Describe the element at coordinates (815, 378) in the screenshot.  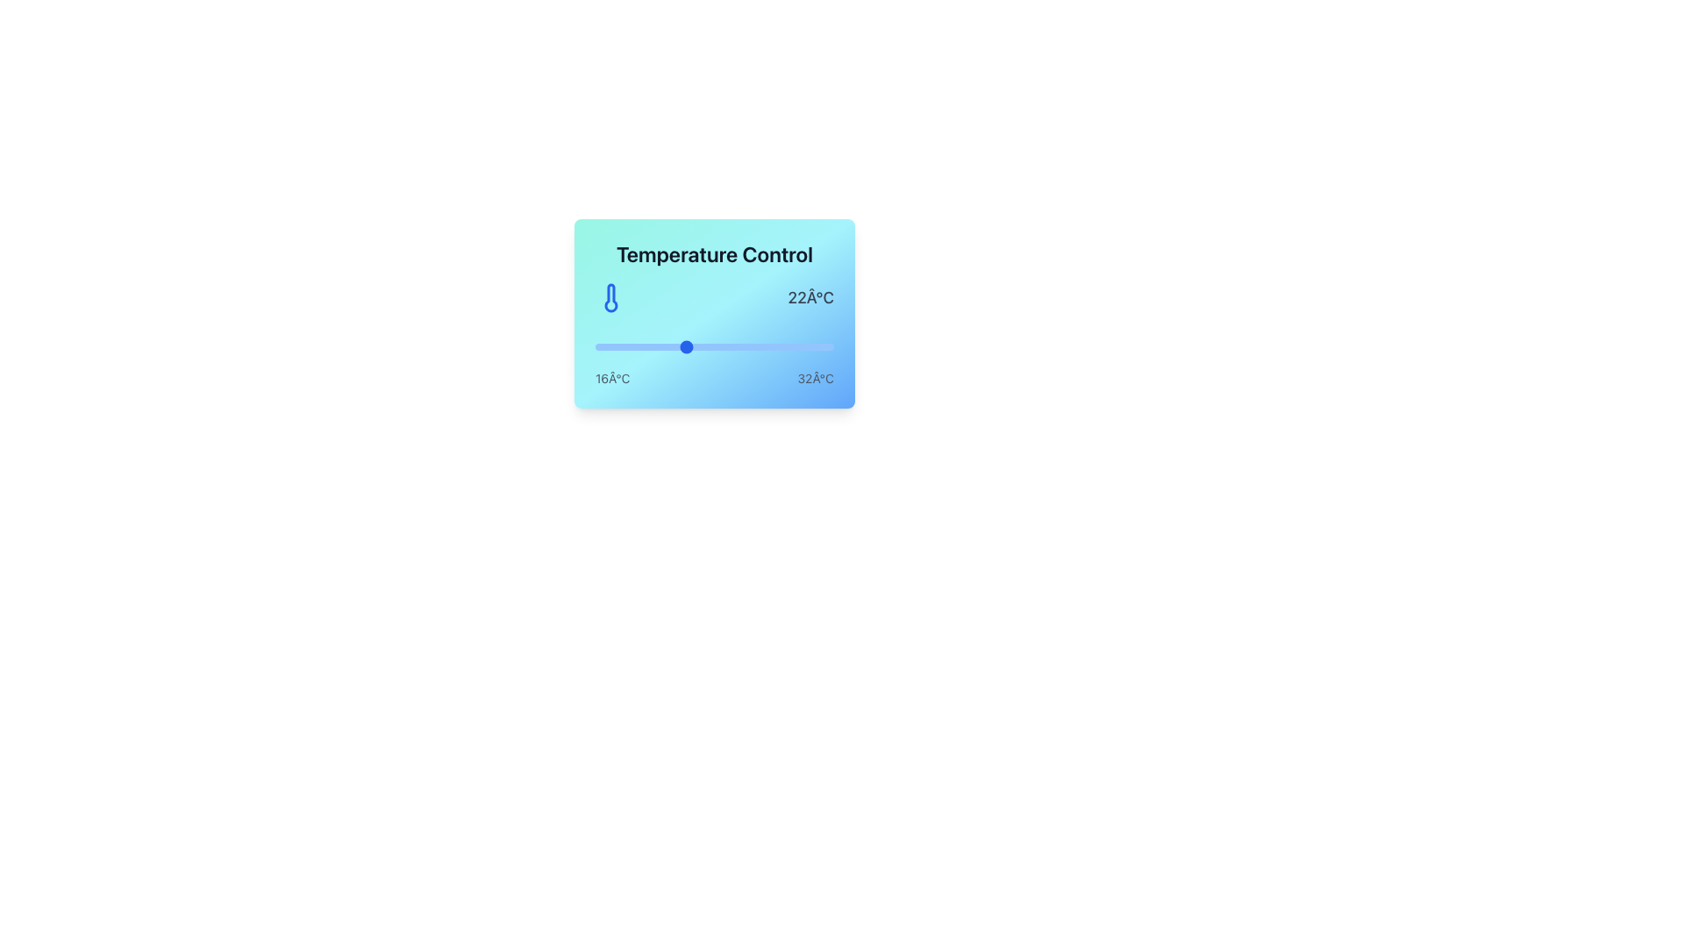
I see `the temperature range upper limit label located in the bottom-right corner of the card component, which follows the '16°C' text element` at that location.